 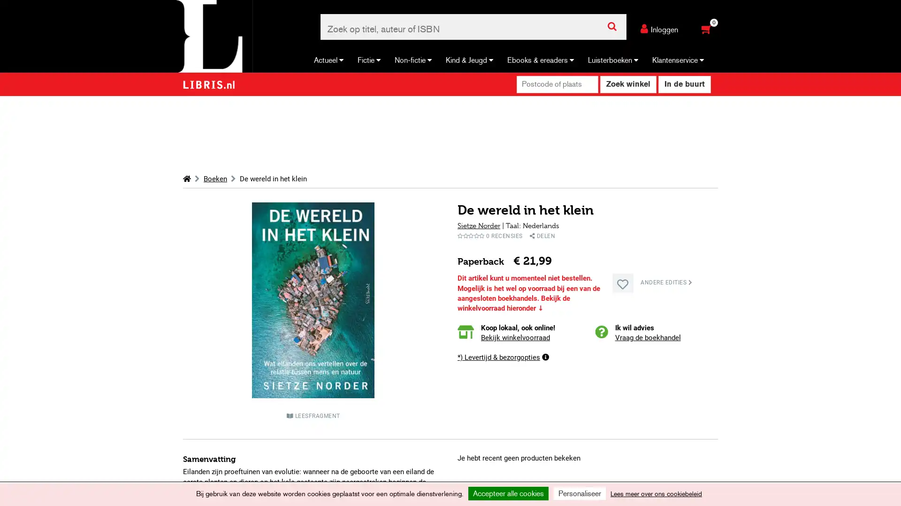 What do you see at coordinates (656, 493) in the screenshot?
I see `Lees meer over ons cookiebeleid` at bounding box center [656, 493].